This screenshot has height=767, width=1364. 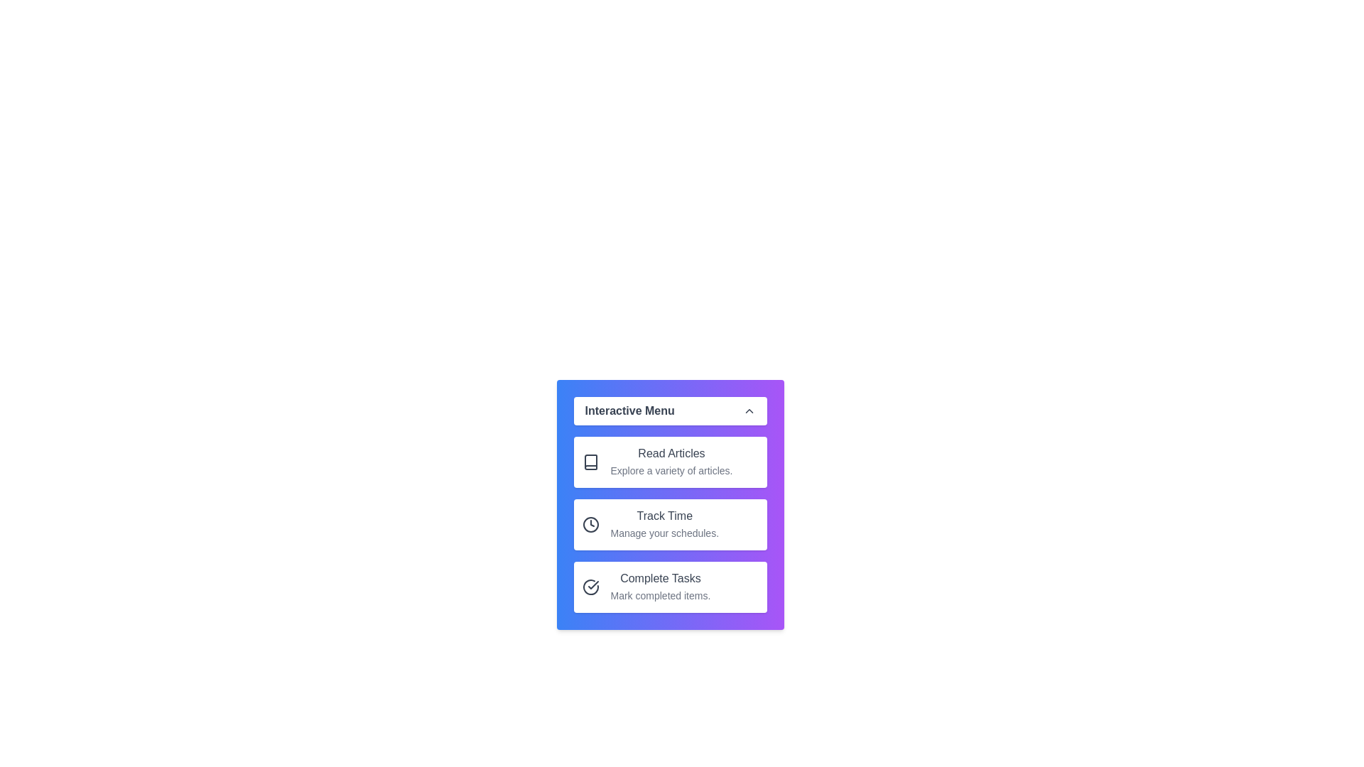 I want to click on the menu item with the title Track Time, so click(x=669, y=525).